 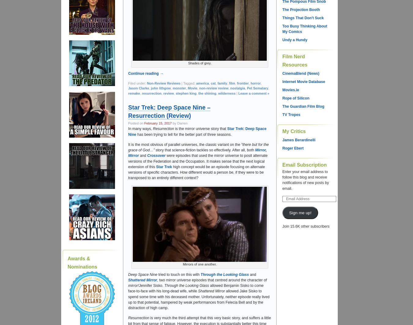 I want to click on 'frontier', so click(x=243, y=83).